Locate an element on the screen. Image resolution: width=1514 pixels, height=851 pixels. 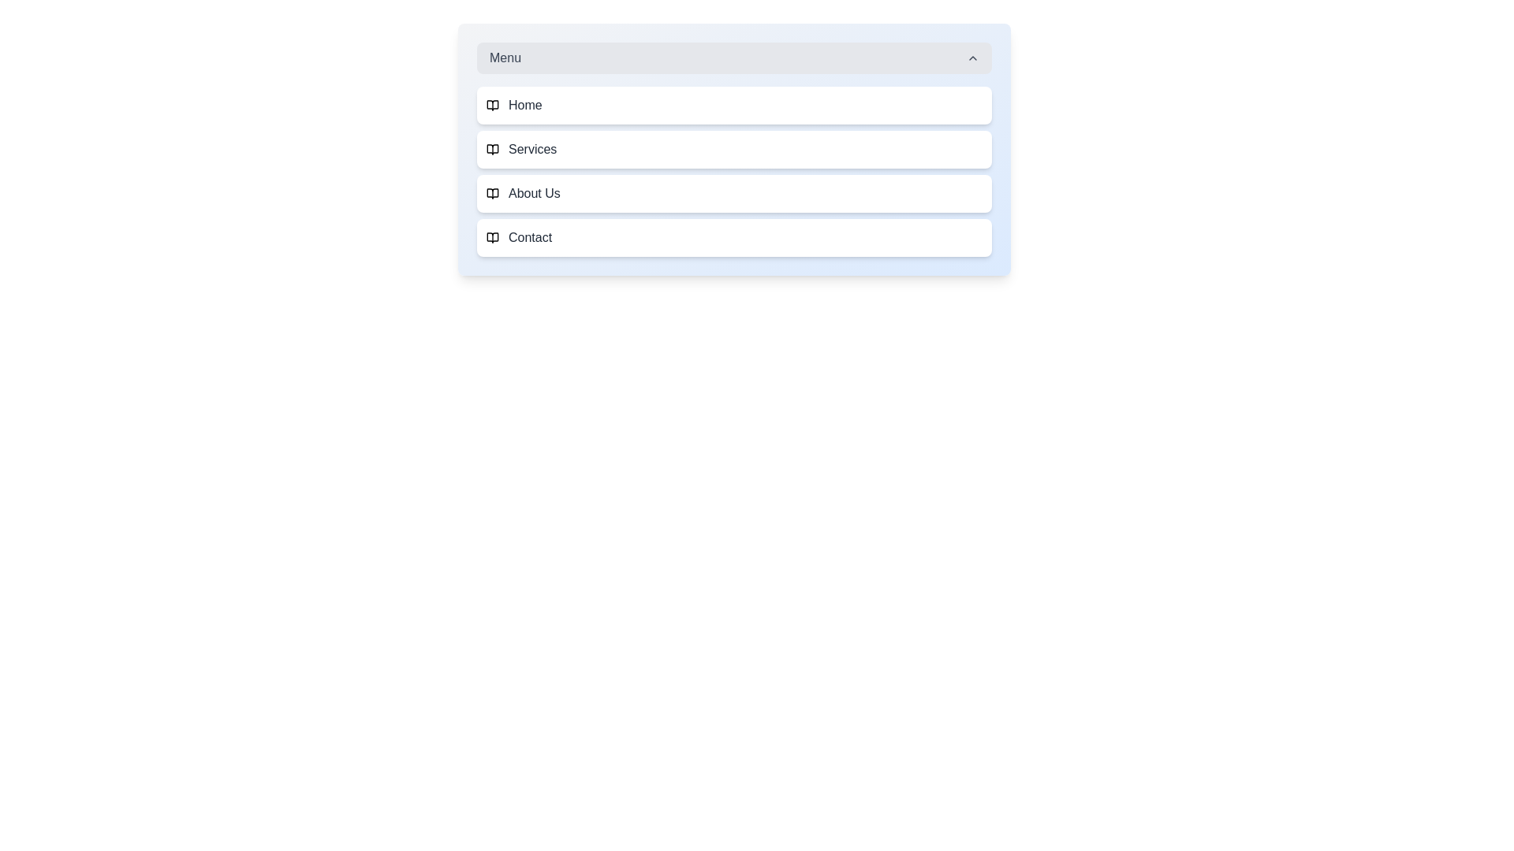
the last menu item link in the vertical list is located at coordinates (733, 237).